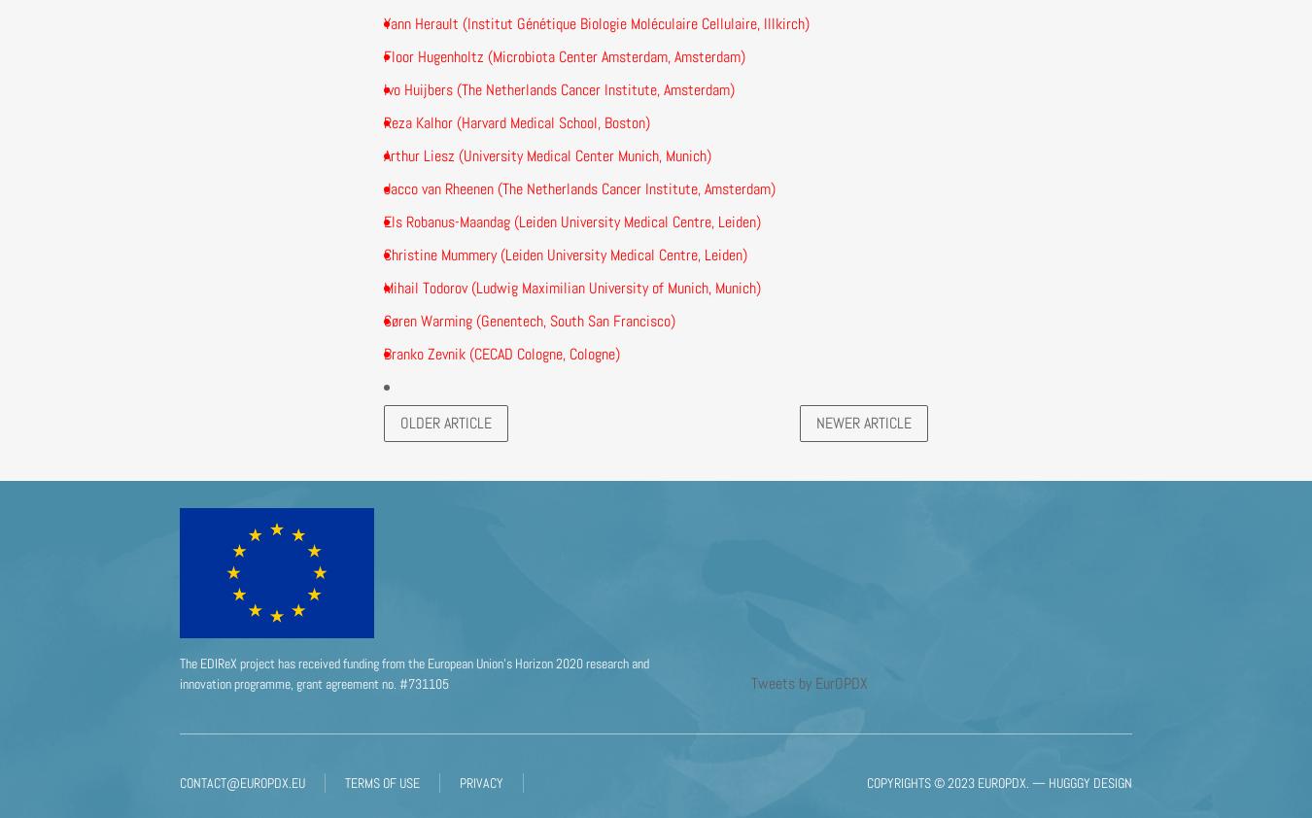 This screenshot has width=1312, height=818. Describe the element at coordinates (382, 782) in the screenshot. I see `'Terms of use'` at that location.